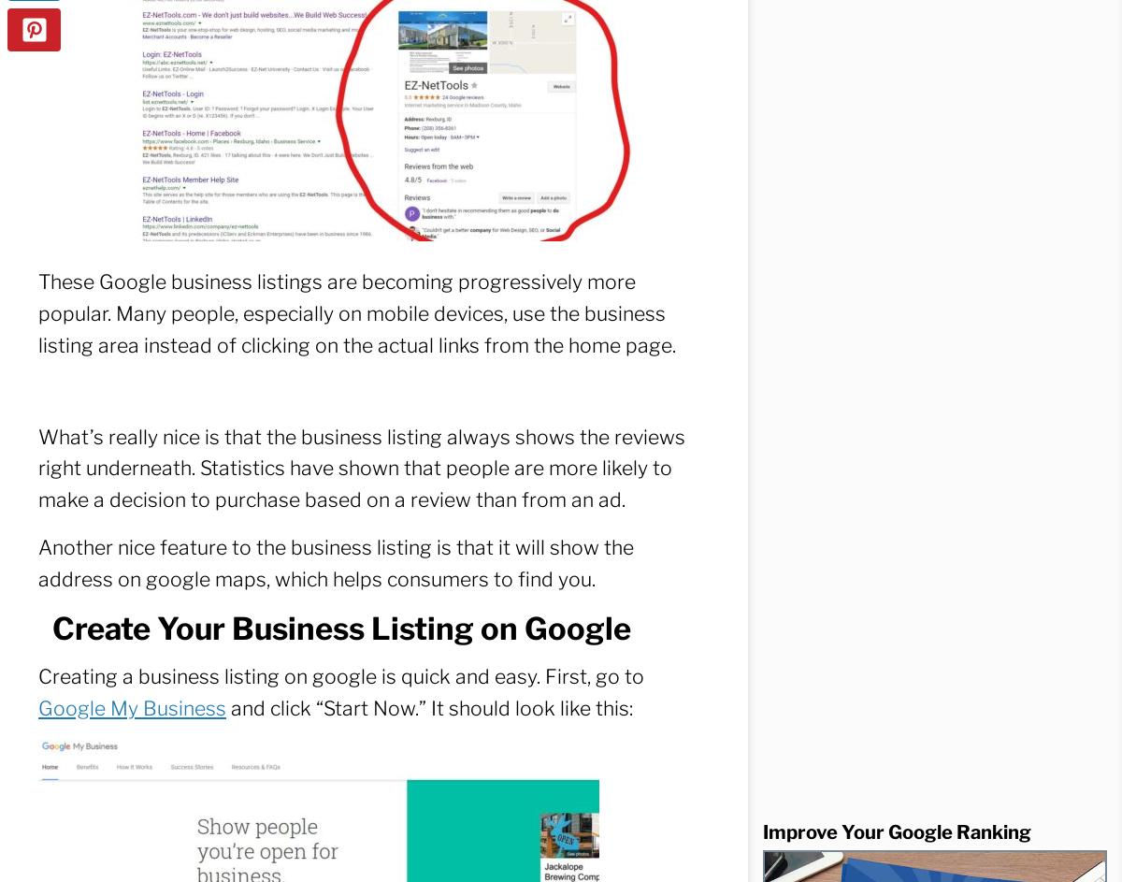 The width and height of the screenshot is (1122, 882). I want to click on 'How can we serve you better?', so click(559, 498).